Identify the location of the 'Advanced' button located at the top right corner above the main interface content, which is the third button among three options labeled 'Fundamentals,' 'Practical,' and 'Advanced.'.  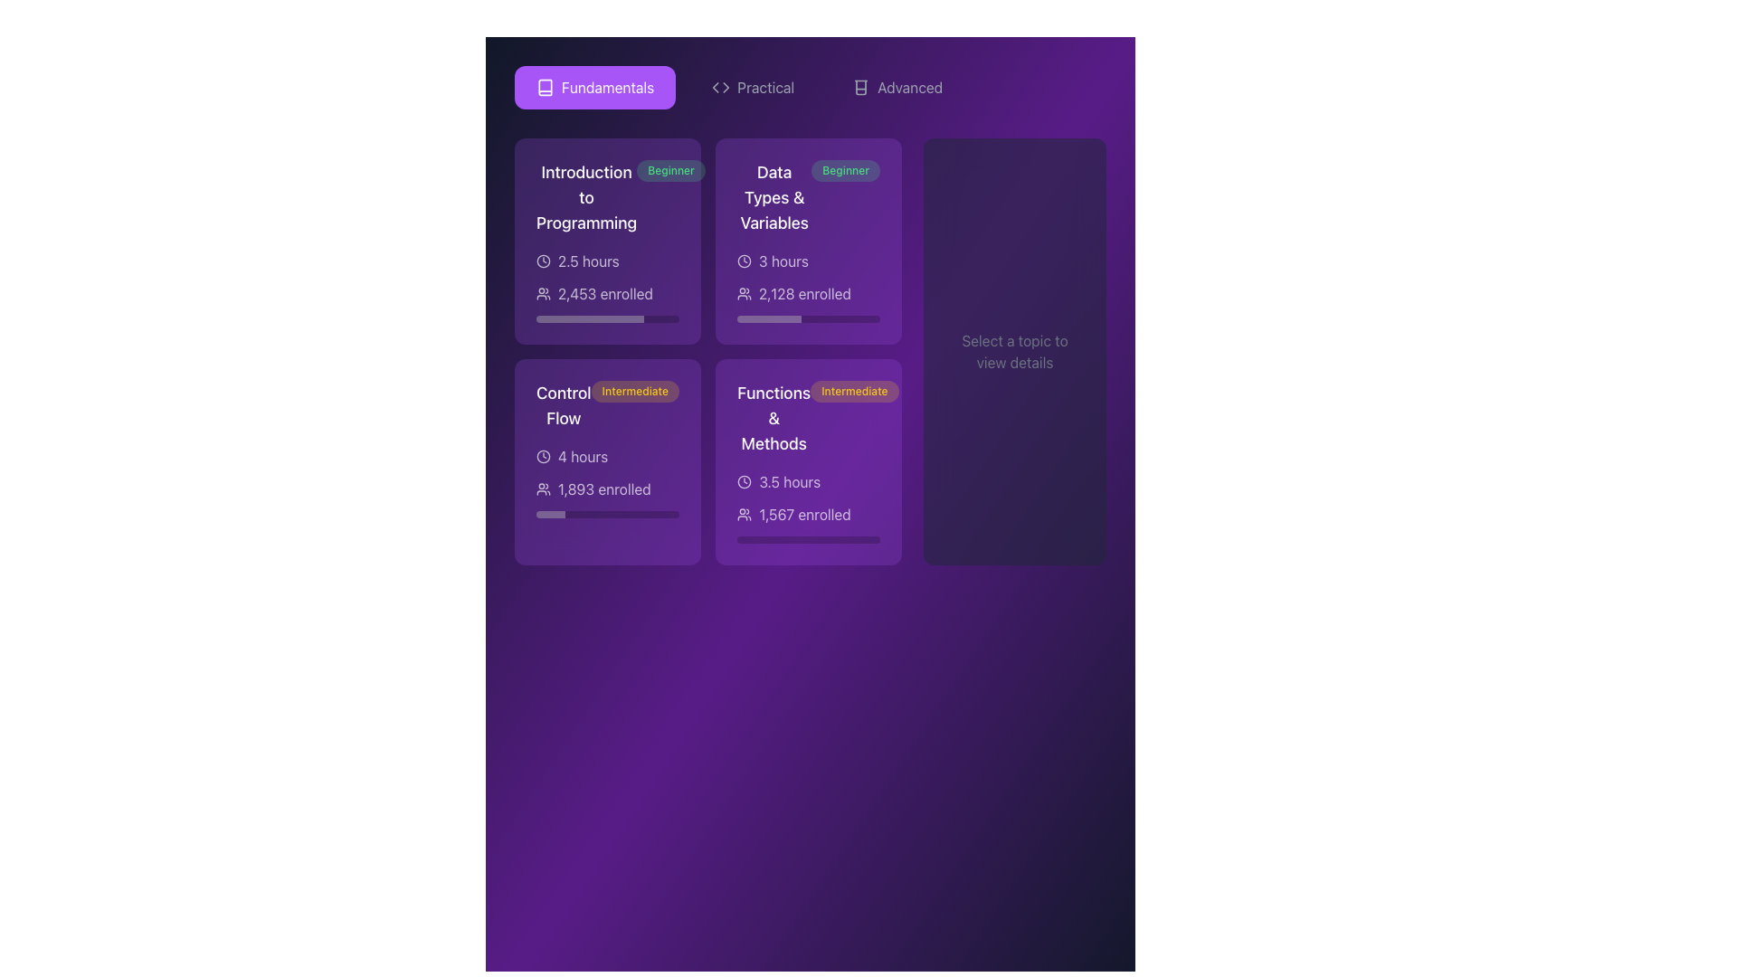
(897, 87).